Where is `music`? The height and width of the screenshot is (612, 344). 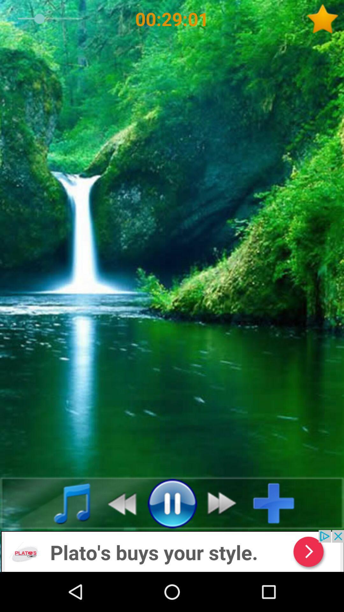 music is located at coordinates (278, 503).